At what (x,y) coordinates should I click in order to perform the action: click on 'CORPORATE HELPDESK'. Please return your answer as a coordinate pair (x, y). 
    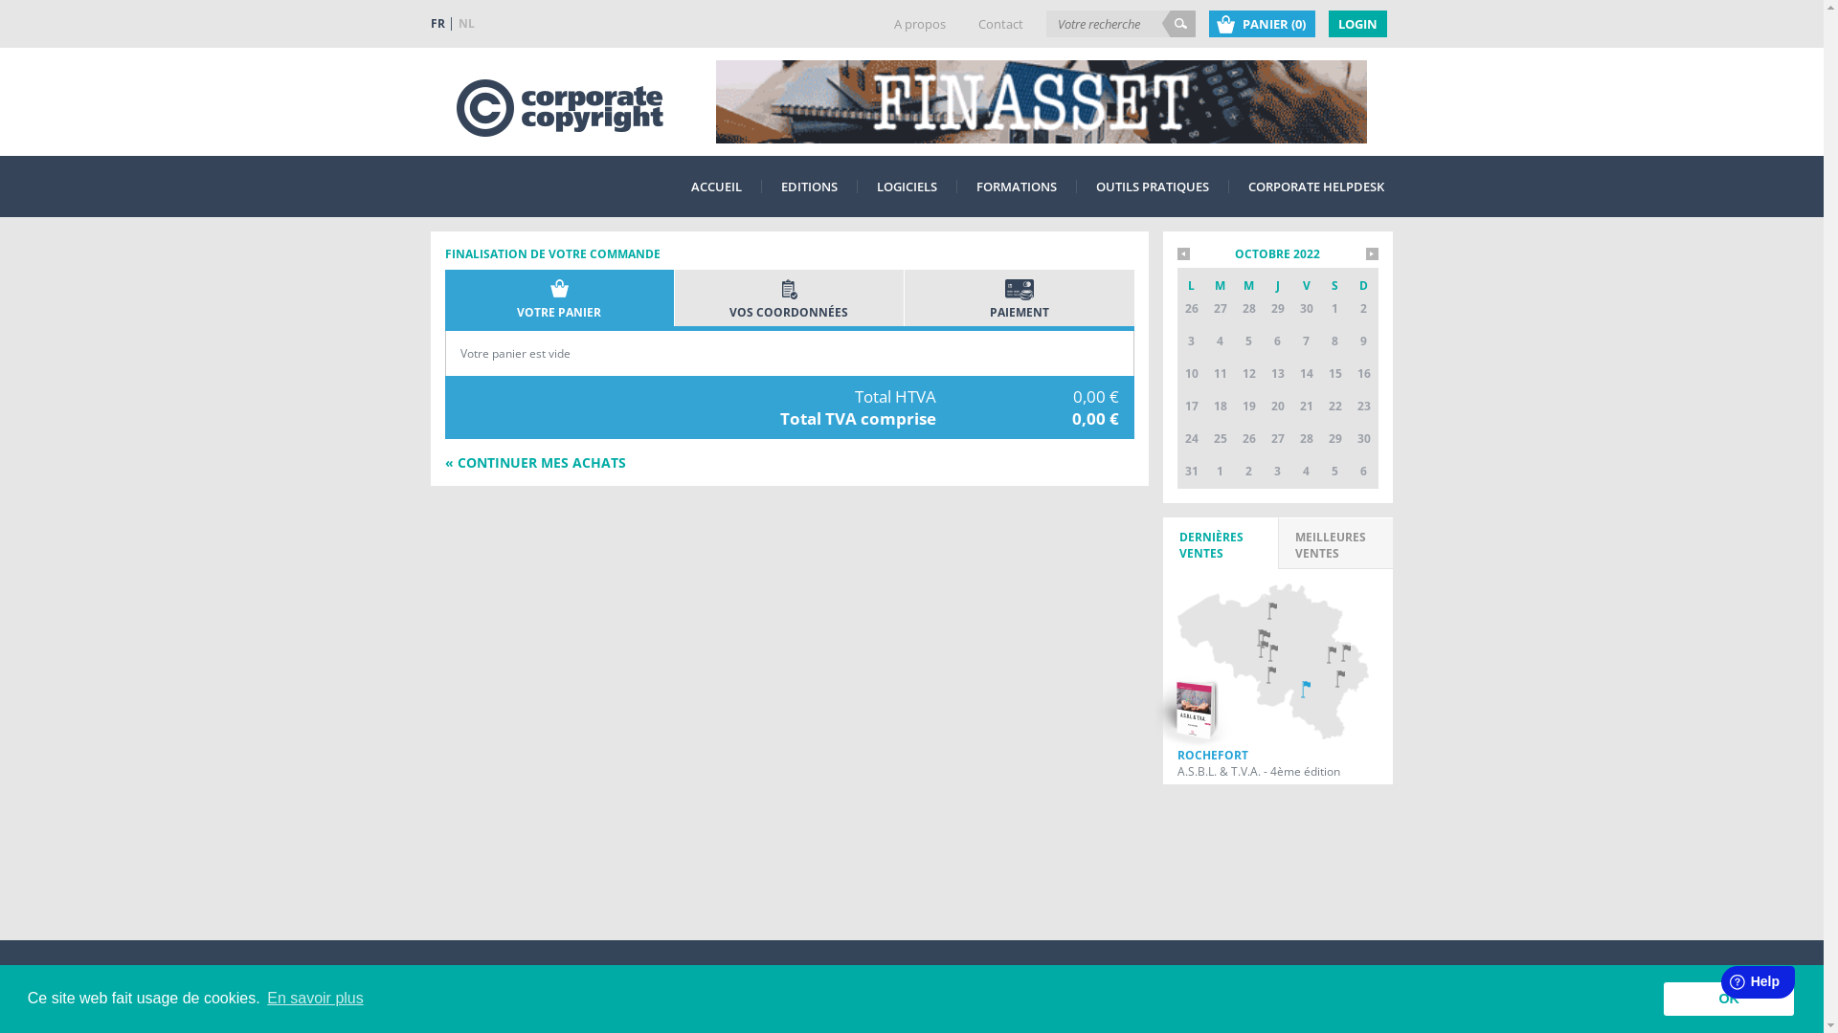
    Looking at the image, I should click on (1314, 187).